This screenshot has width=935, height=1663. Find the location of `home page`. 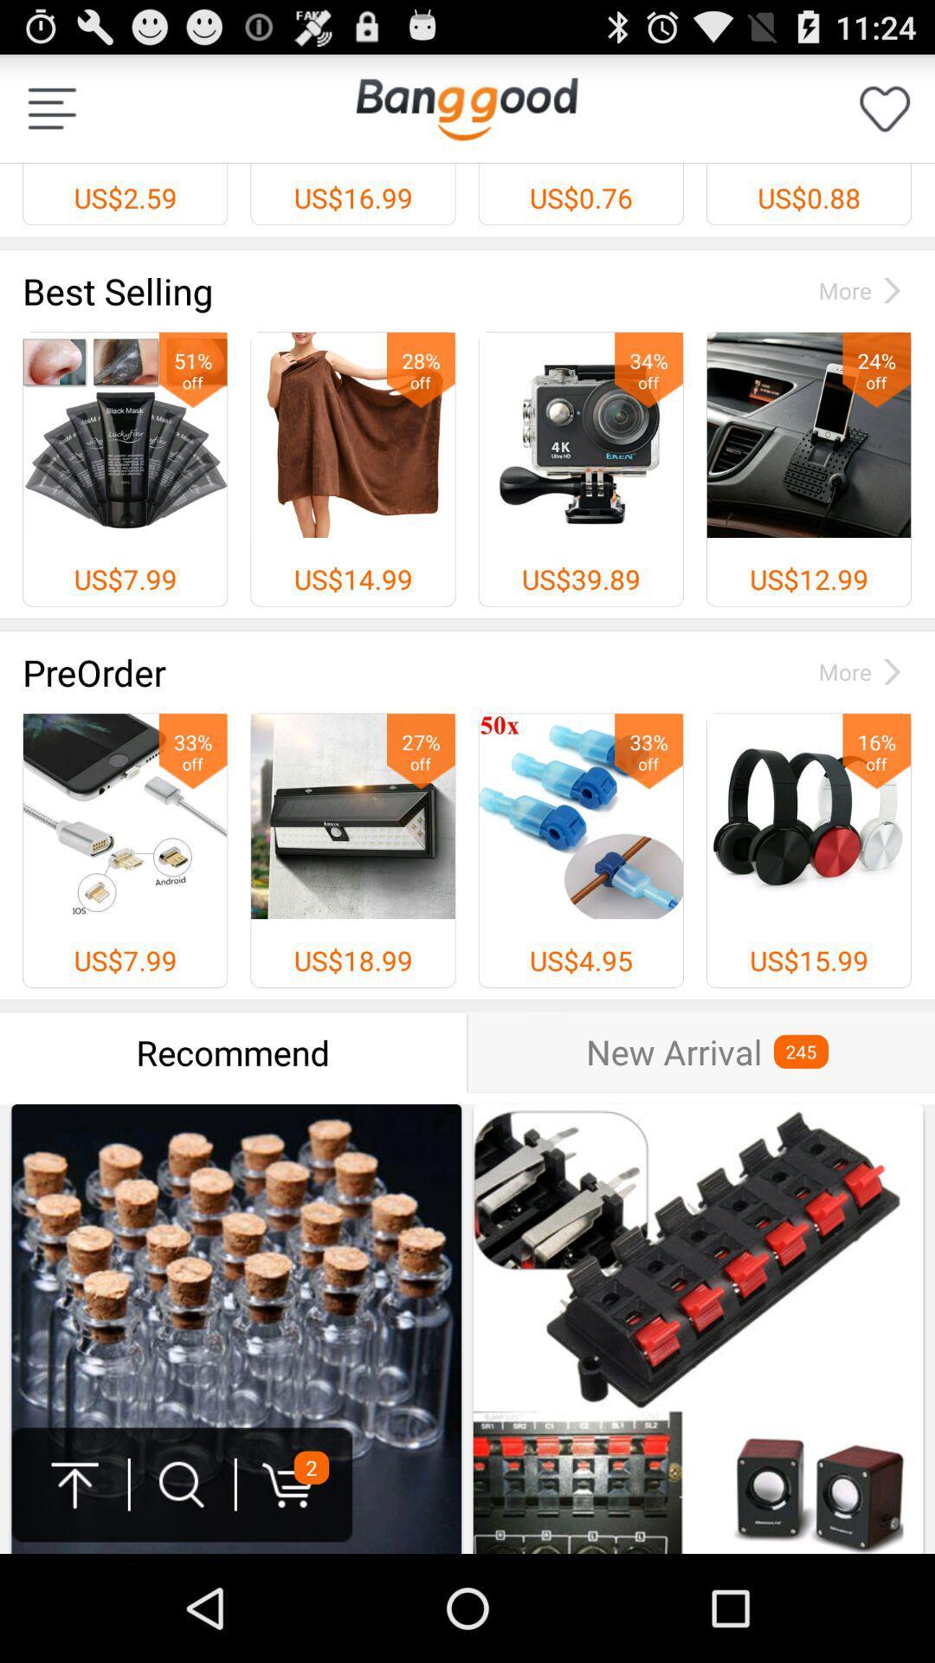

home page is located at coordinates (466, 107).